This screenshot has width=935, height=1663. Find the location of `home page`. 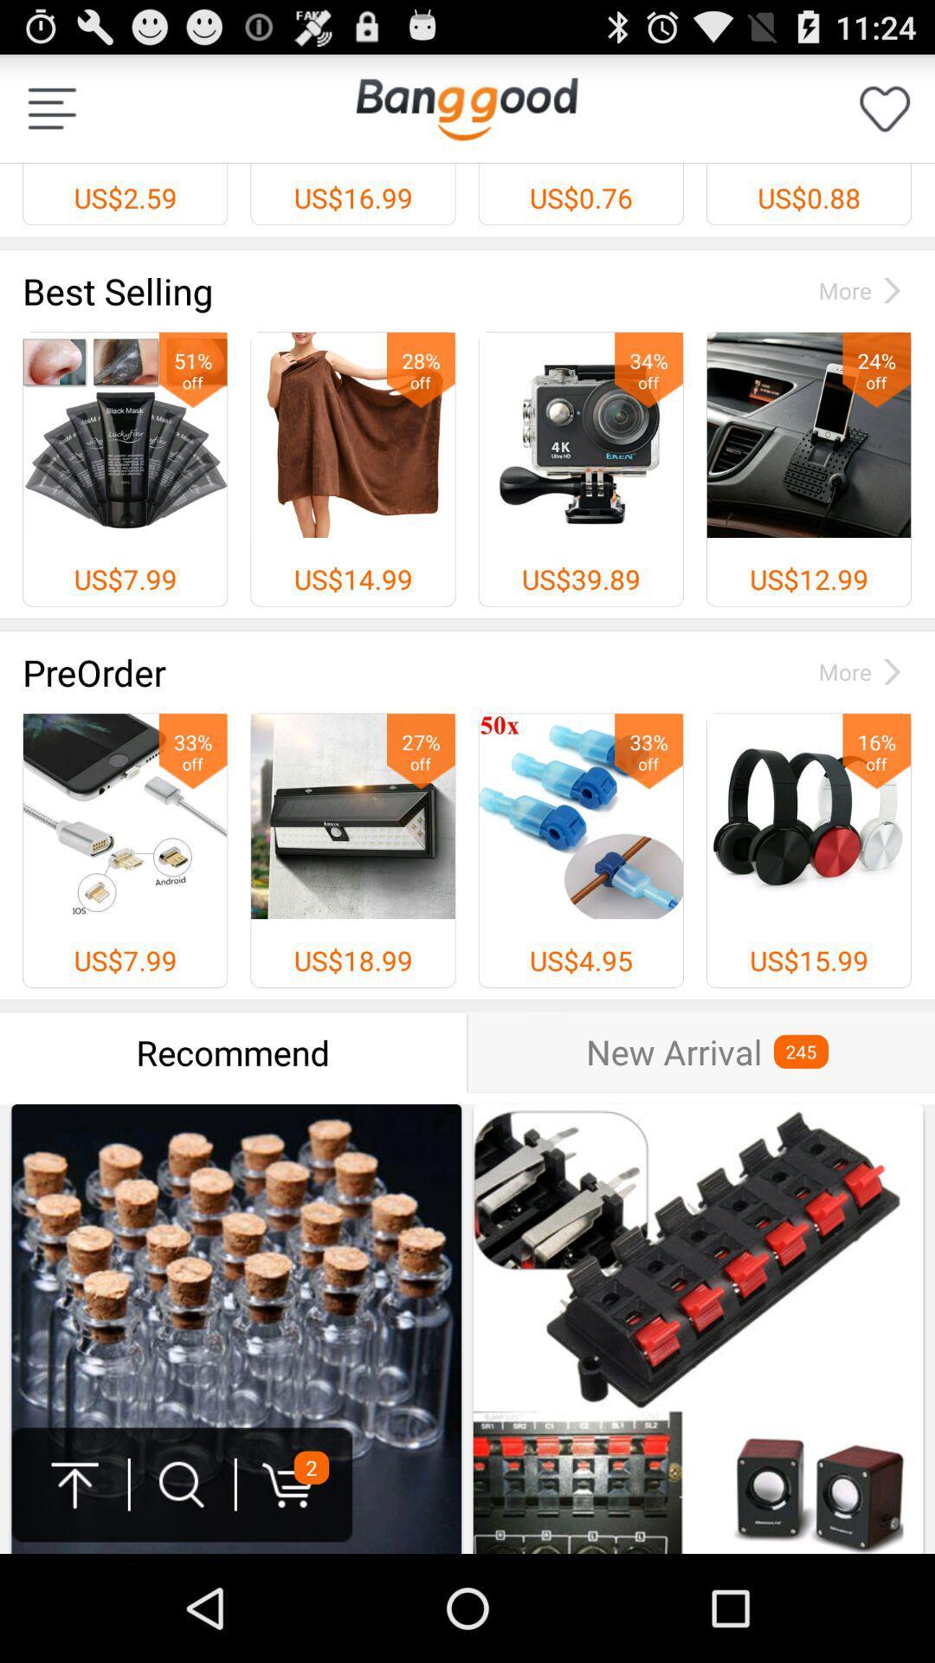

home page is located at coordinates (466, 107).